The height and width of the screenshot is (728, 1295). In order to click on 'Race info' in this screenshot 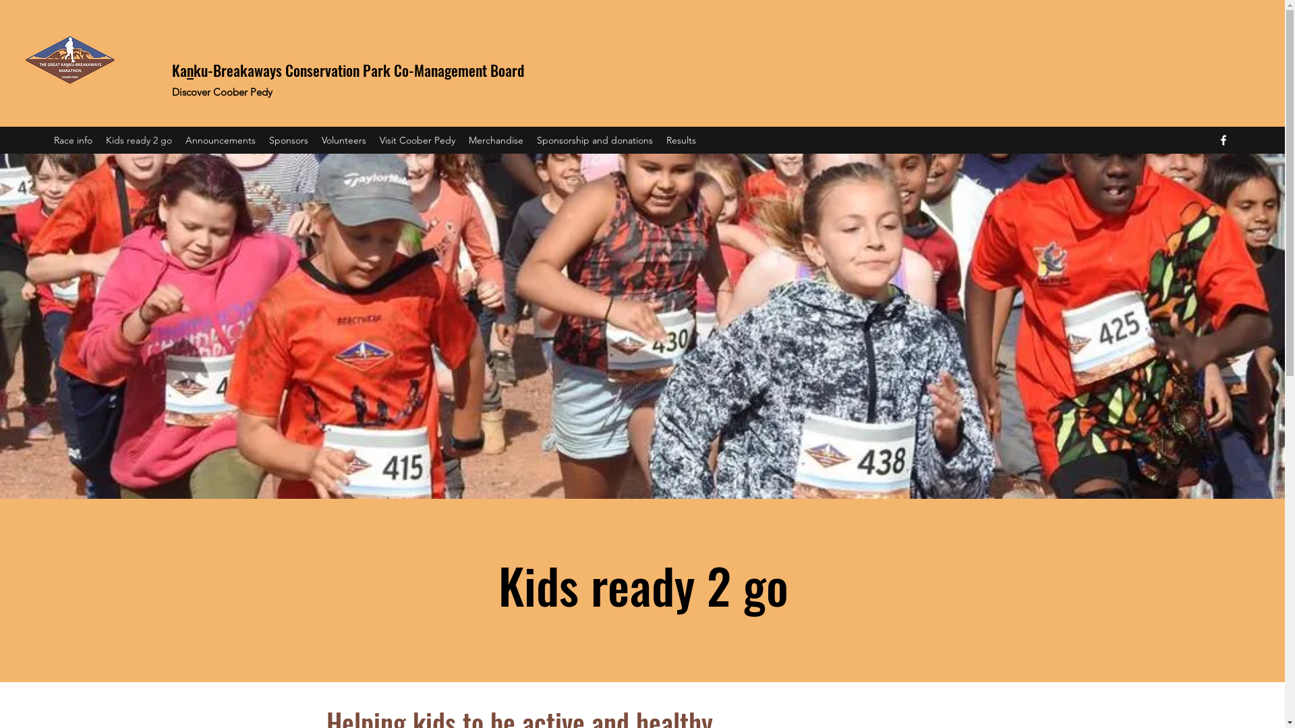, I will do `click(72, 140)`.